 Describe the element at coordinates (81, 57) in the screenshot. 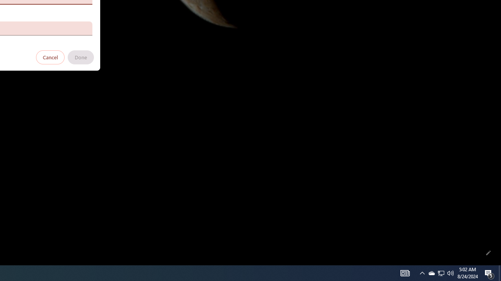

I see `'Done'` at that location.